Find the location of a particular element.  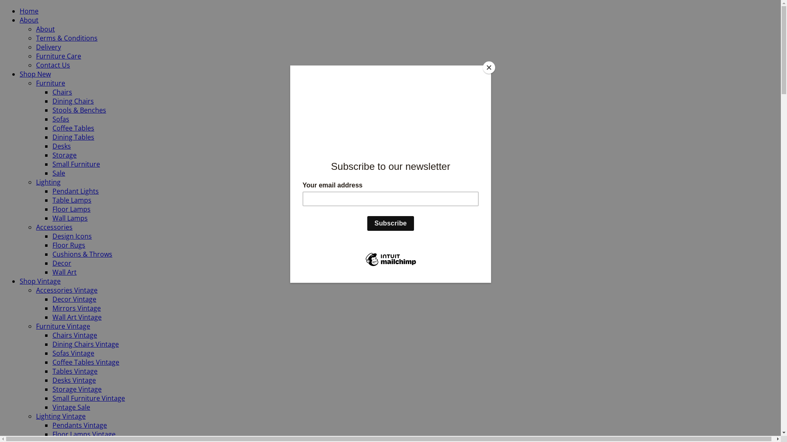

'Floor Rugs' is located at coordinates (69, 244).